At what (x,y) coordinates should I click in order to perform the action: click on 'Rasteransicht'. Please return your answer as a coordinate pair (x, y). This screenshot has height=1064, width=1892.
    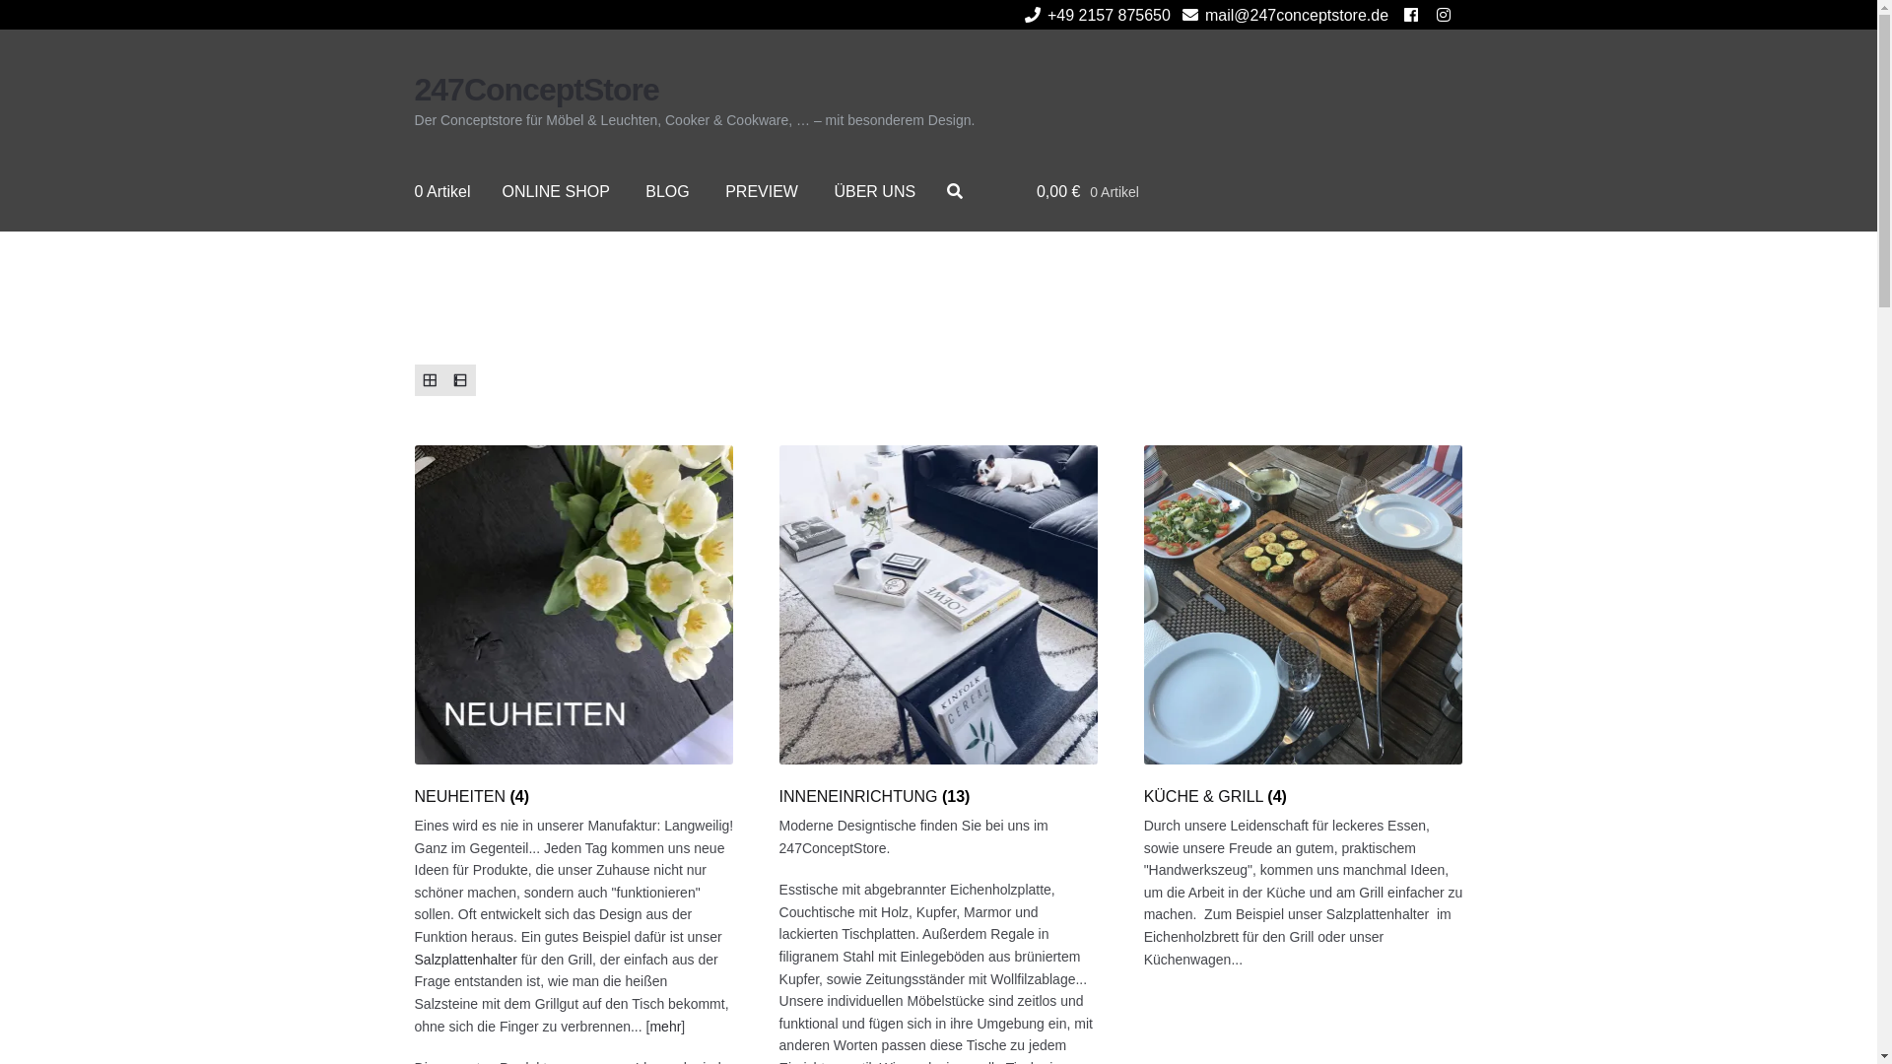
    Looking at the image, I should click on (429, 379).